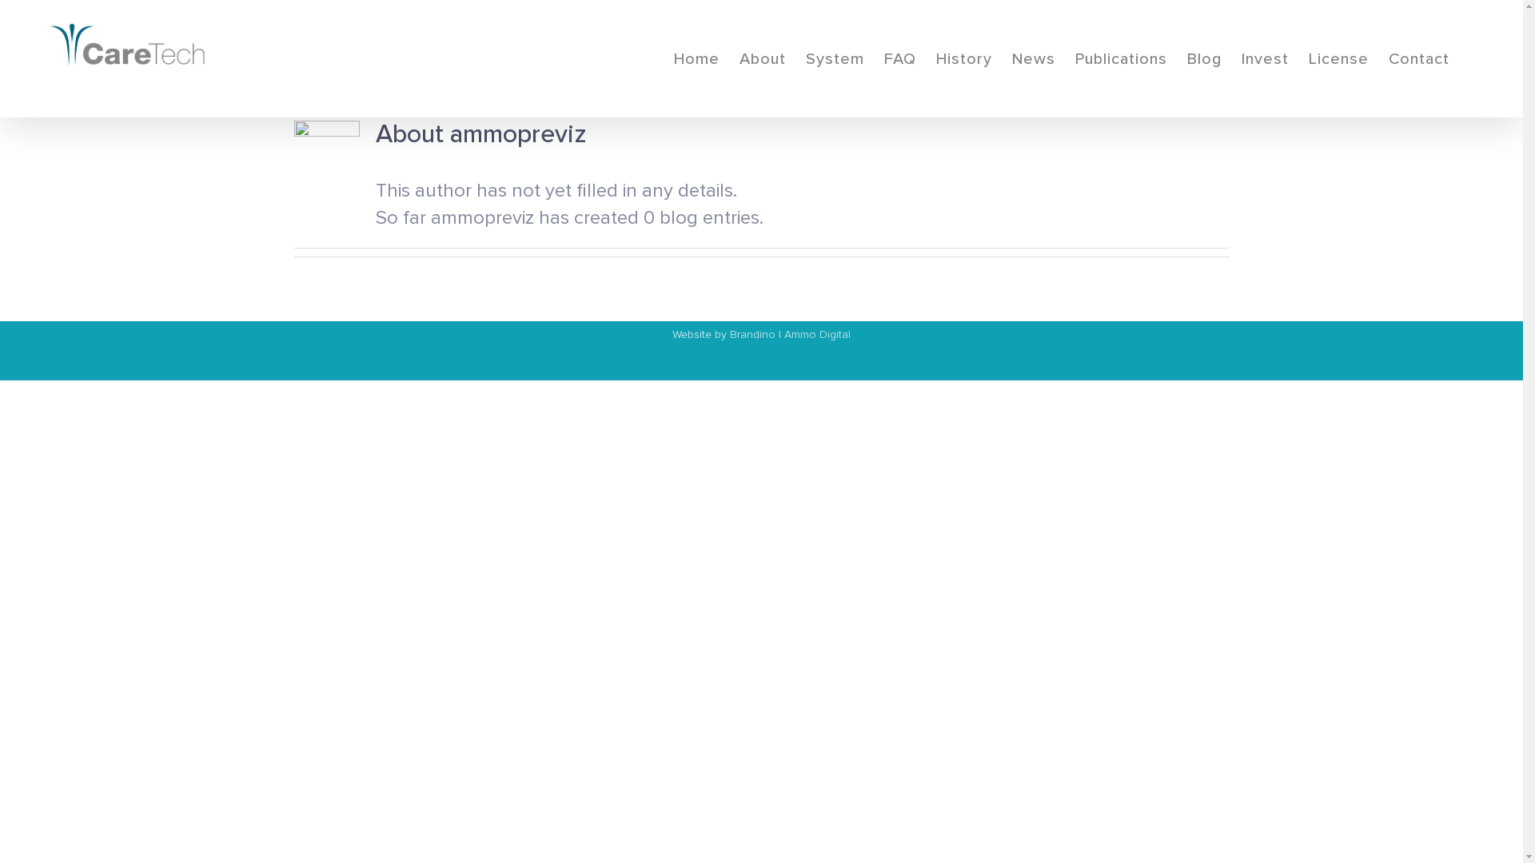  I want to click on 'Ammo Digital', so click(817, 333).